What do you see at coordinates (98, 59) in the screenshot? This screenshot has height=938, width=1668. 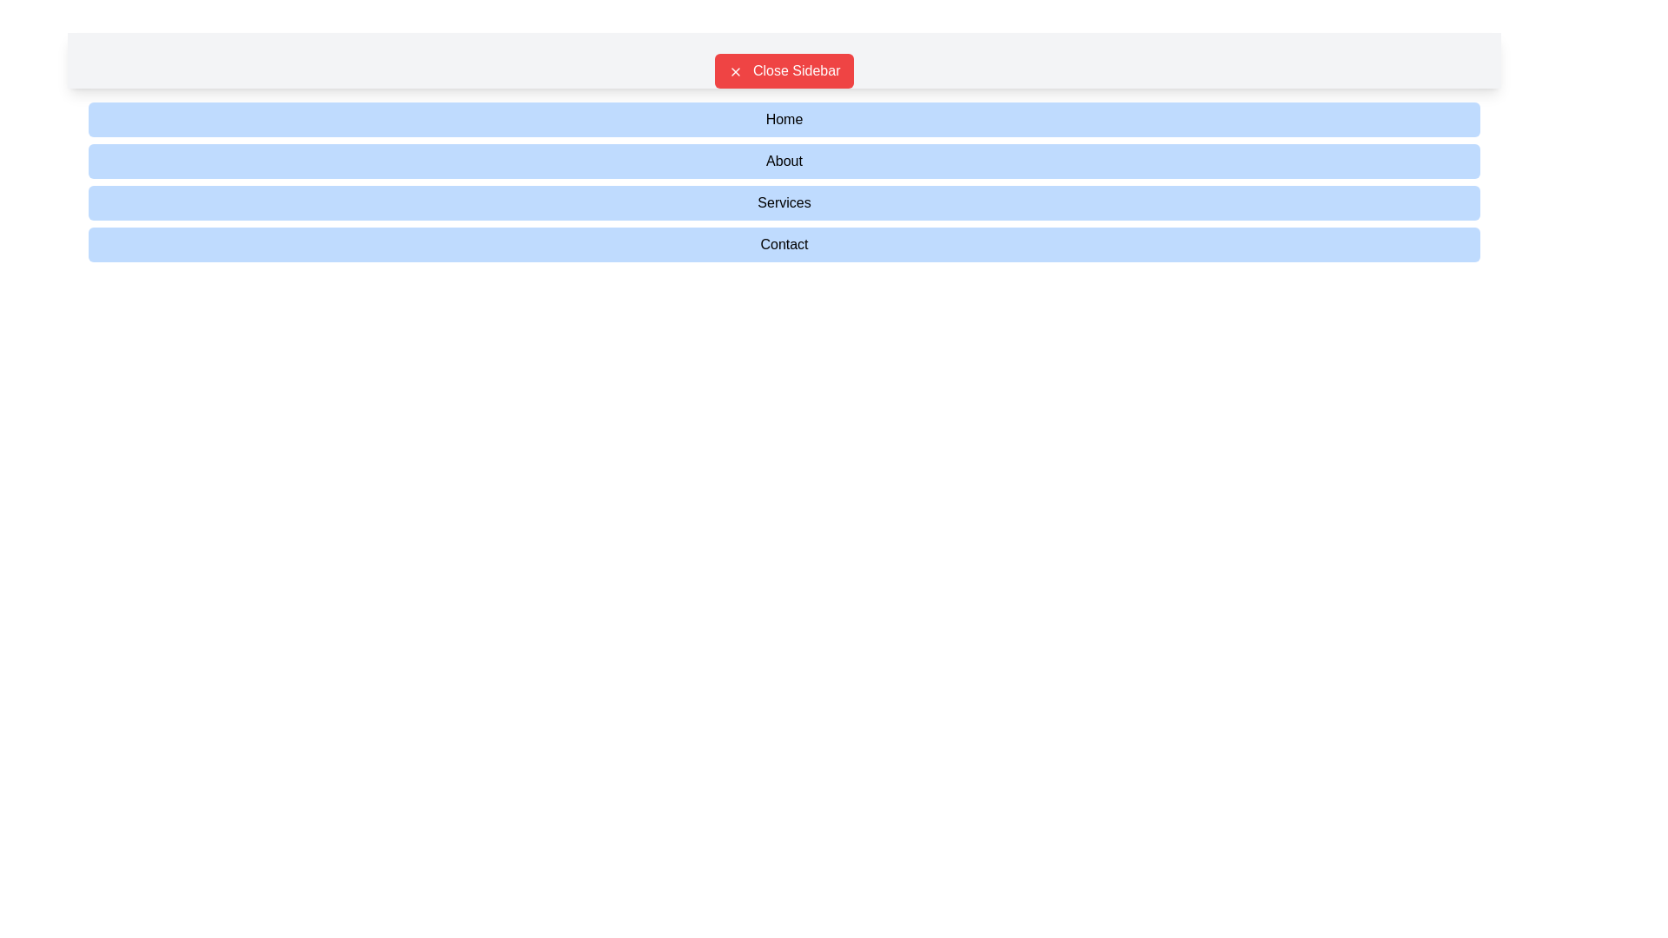 I see `the menu button located at the top-left corner of the interface` at bounding box center [98, 59].